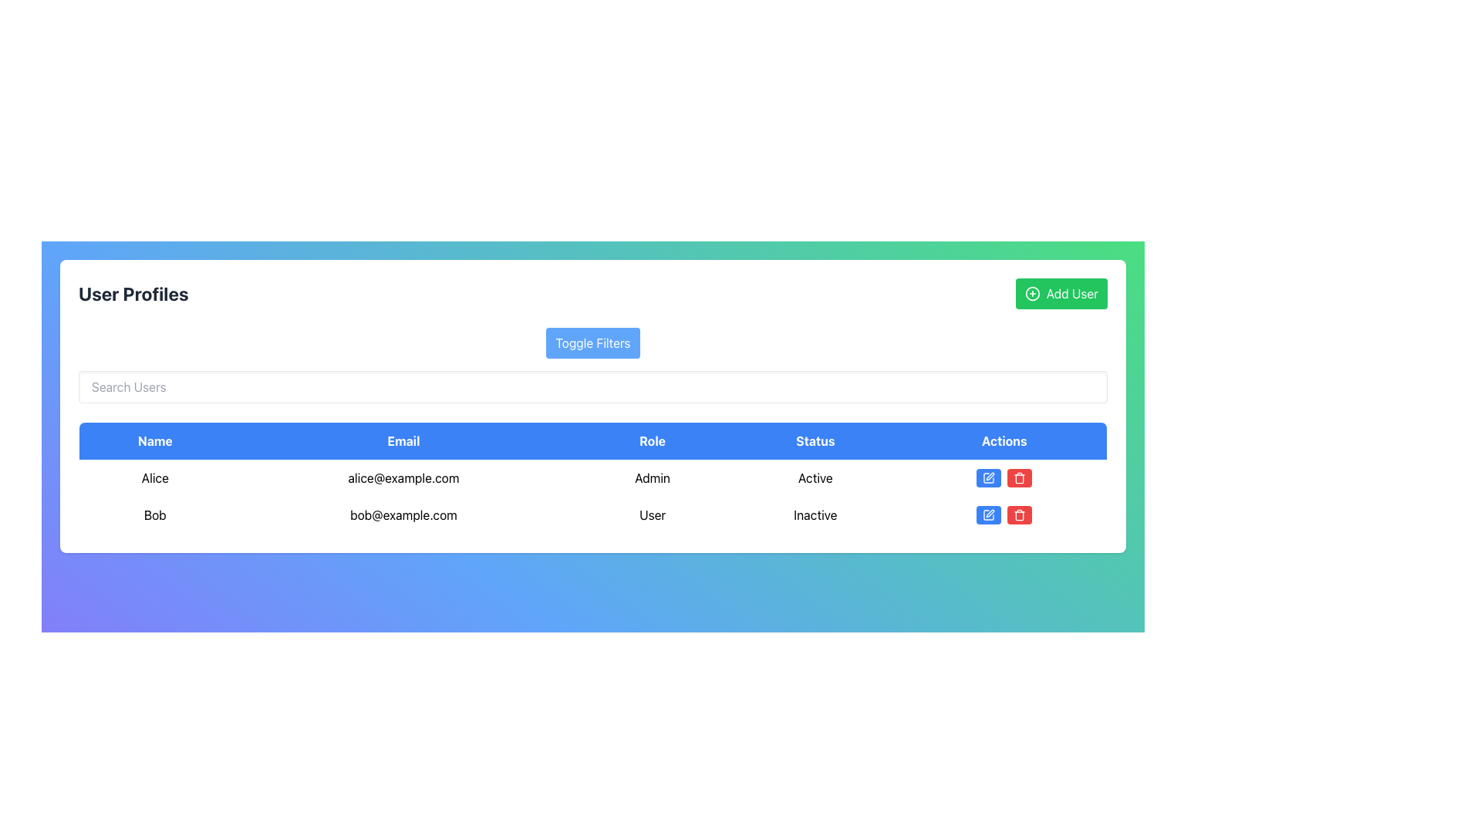  What do you see at coordinates (1004, 440) in the screenshot?
I see `the 'Actions' column header in the user profiles table, which is the fifth column header located at the top right of the interface` at bounding box center [1004, 440].